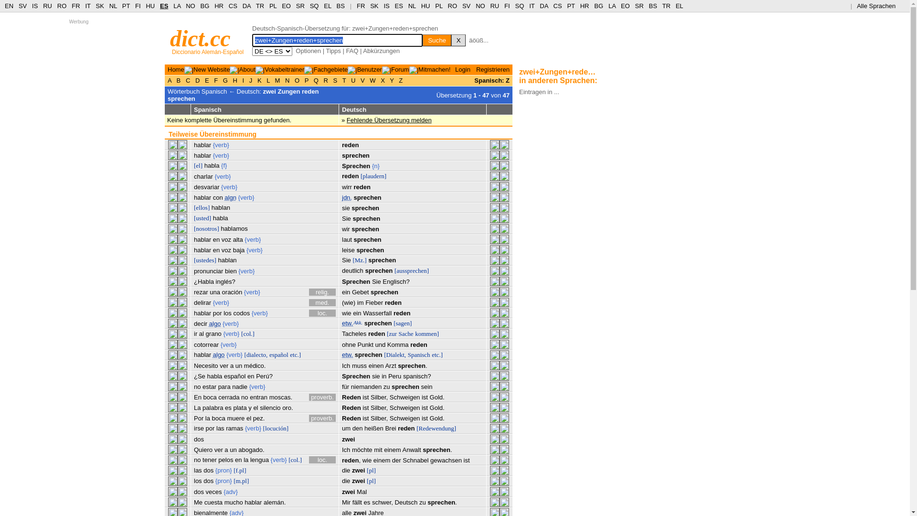  Describe the element at coordinates (345, 428) in the screenshot. I see `'um'` at that location.